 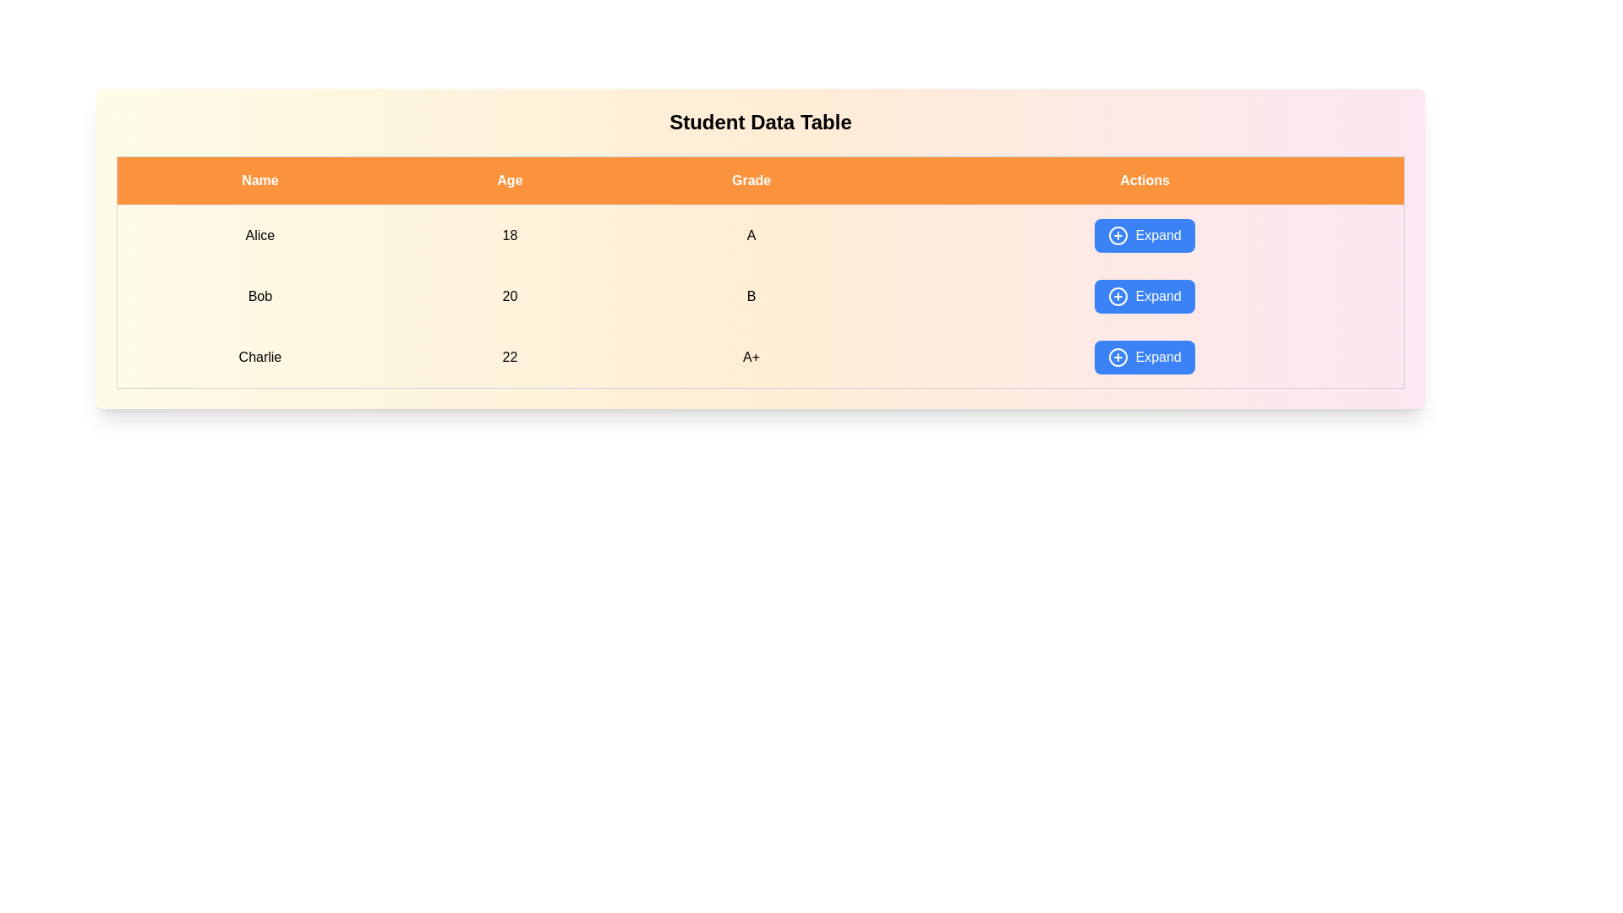 I want to click on the text element displaying 'Alice' in the first row of the data table under the 'Name' column, so click(x=259, y=235).